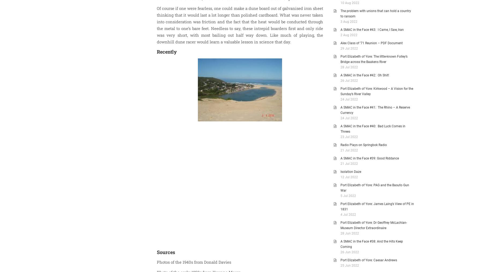 Image resolution: width=496 pixels, height=272 pixels. Describe the element at coordinates (349, 137) in the screenshot. I see `'23 Jul 2022'` at that location.